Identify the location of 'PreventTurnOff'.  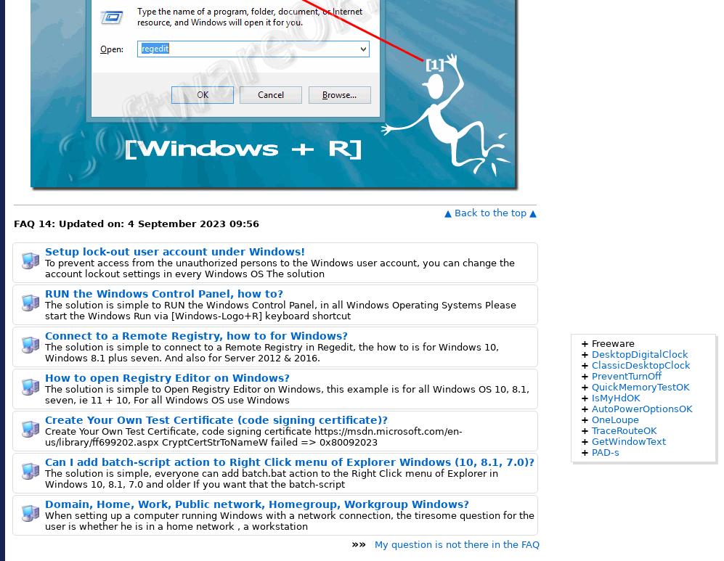
(626, 375).